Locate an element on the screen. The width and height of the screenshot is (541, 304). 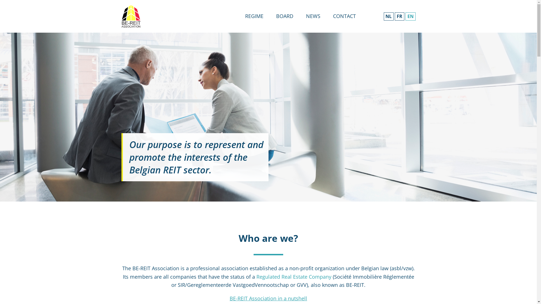
'REGIME' is located at coordinates (254, 16).